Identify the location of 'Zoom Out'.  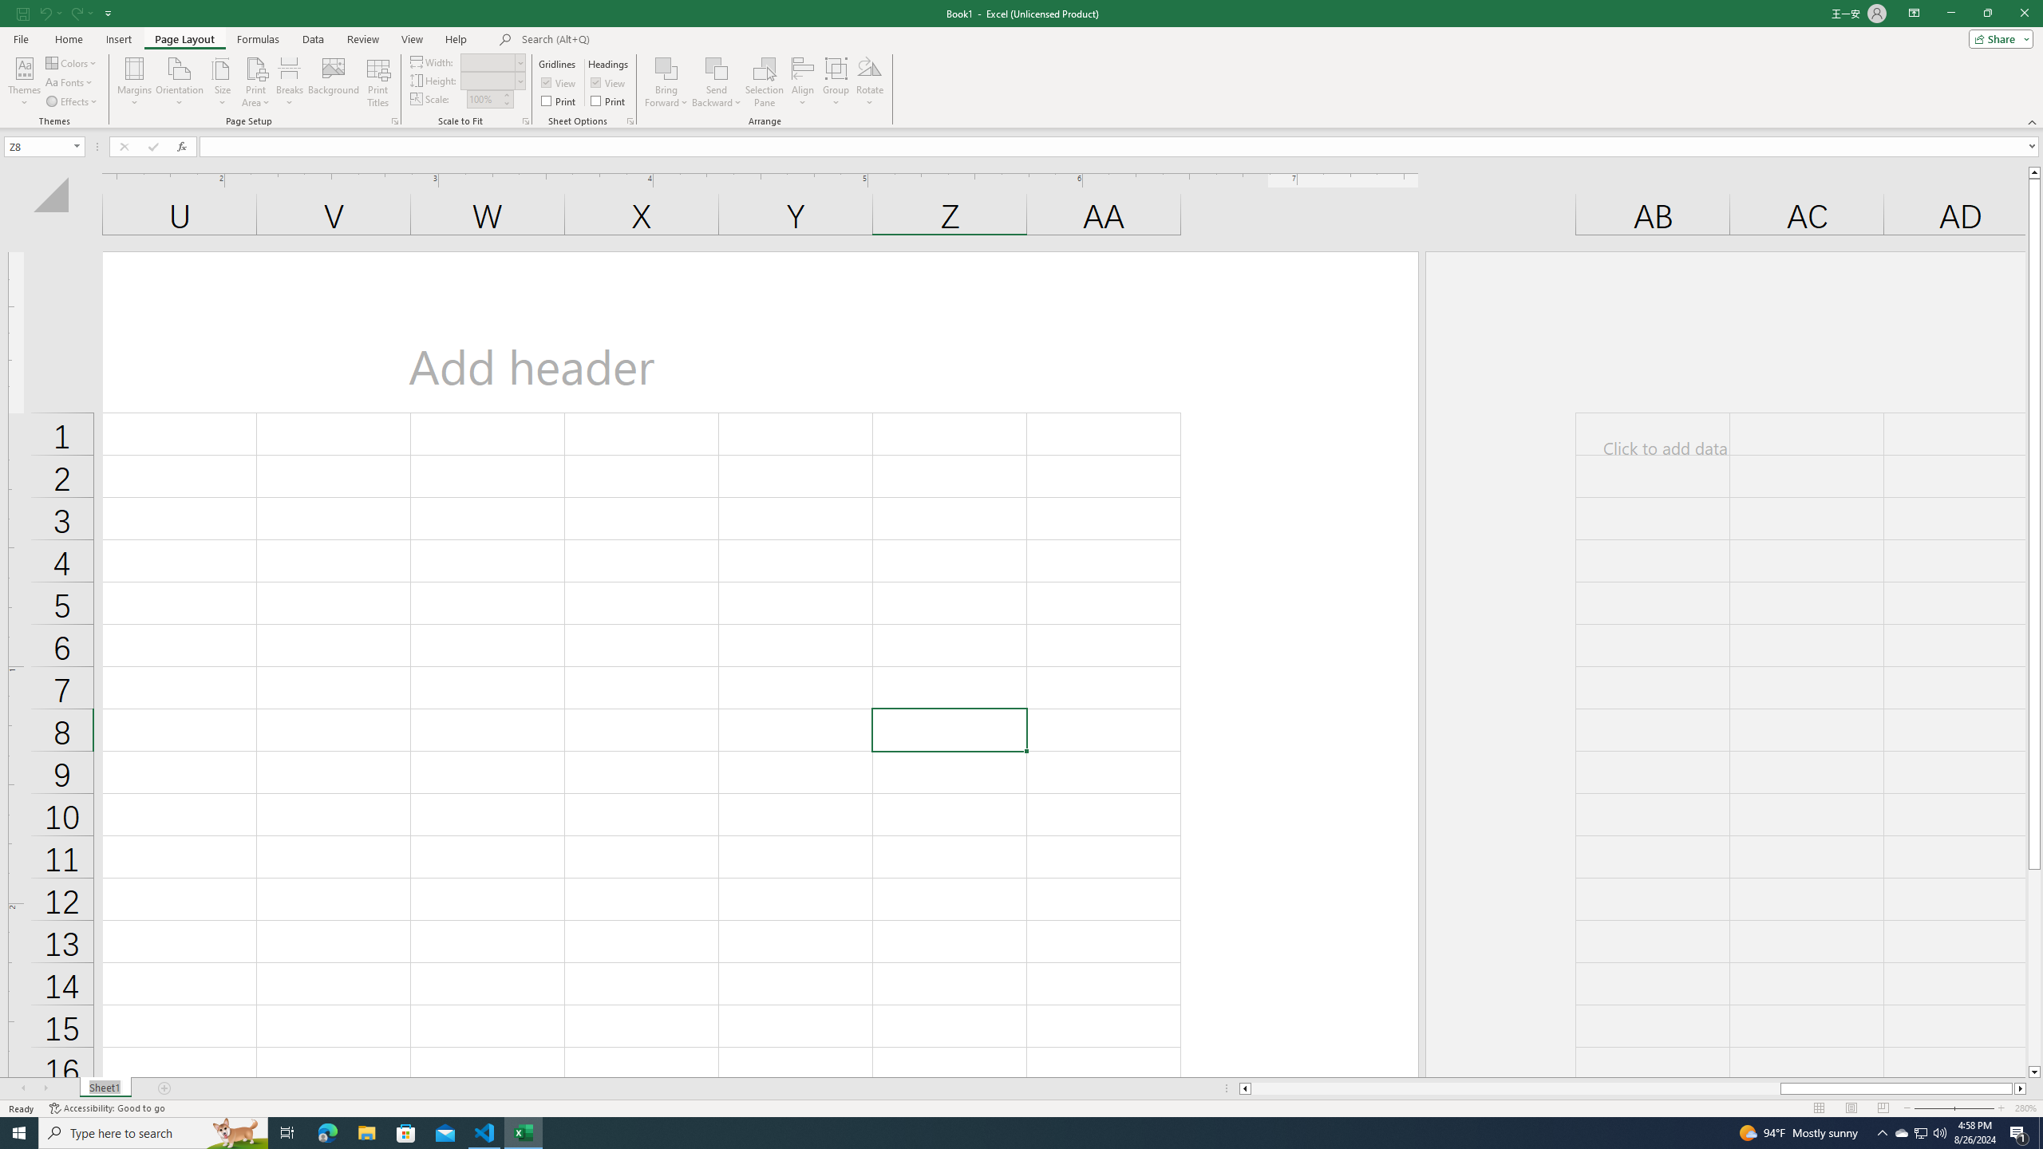
(1945, 1108).